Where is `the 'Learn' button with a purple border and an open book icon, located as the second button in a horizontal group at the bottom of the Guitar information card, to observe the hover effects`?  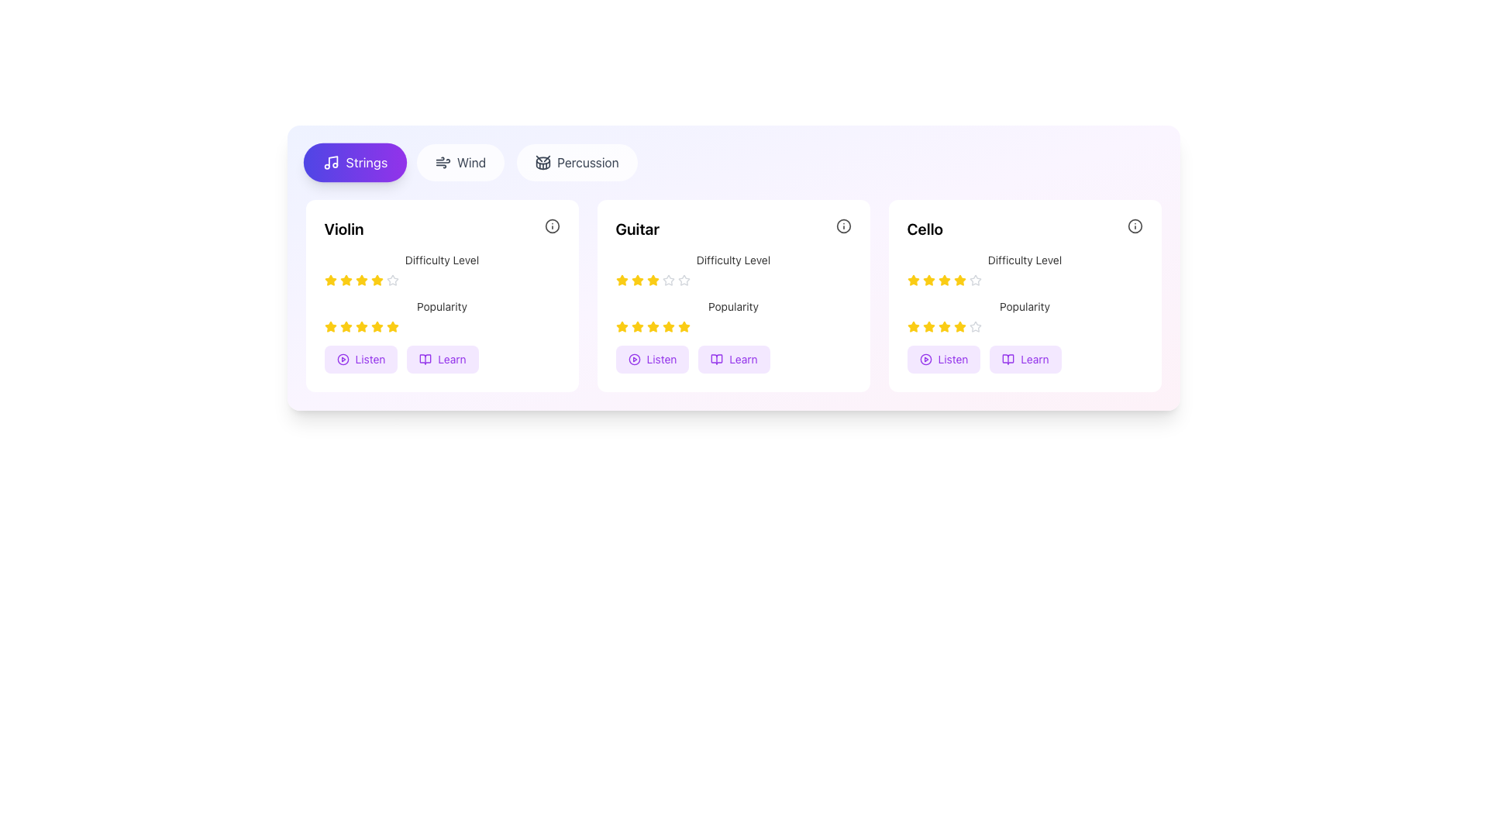 the 'Learn' button with a purple border and an open book icon, located as the second button in a horizontal group at the bottom of the Guitar information card, to observe the hover effects is located at coordinates (732, 359).